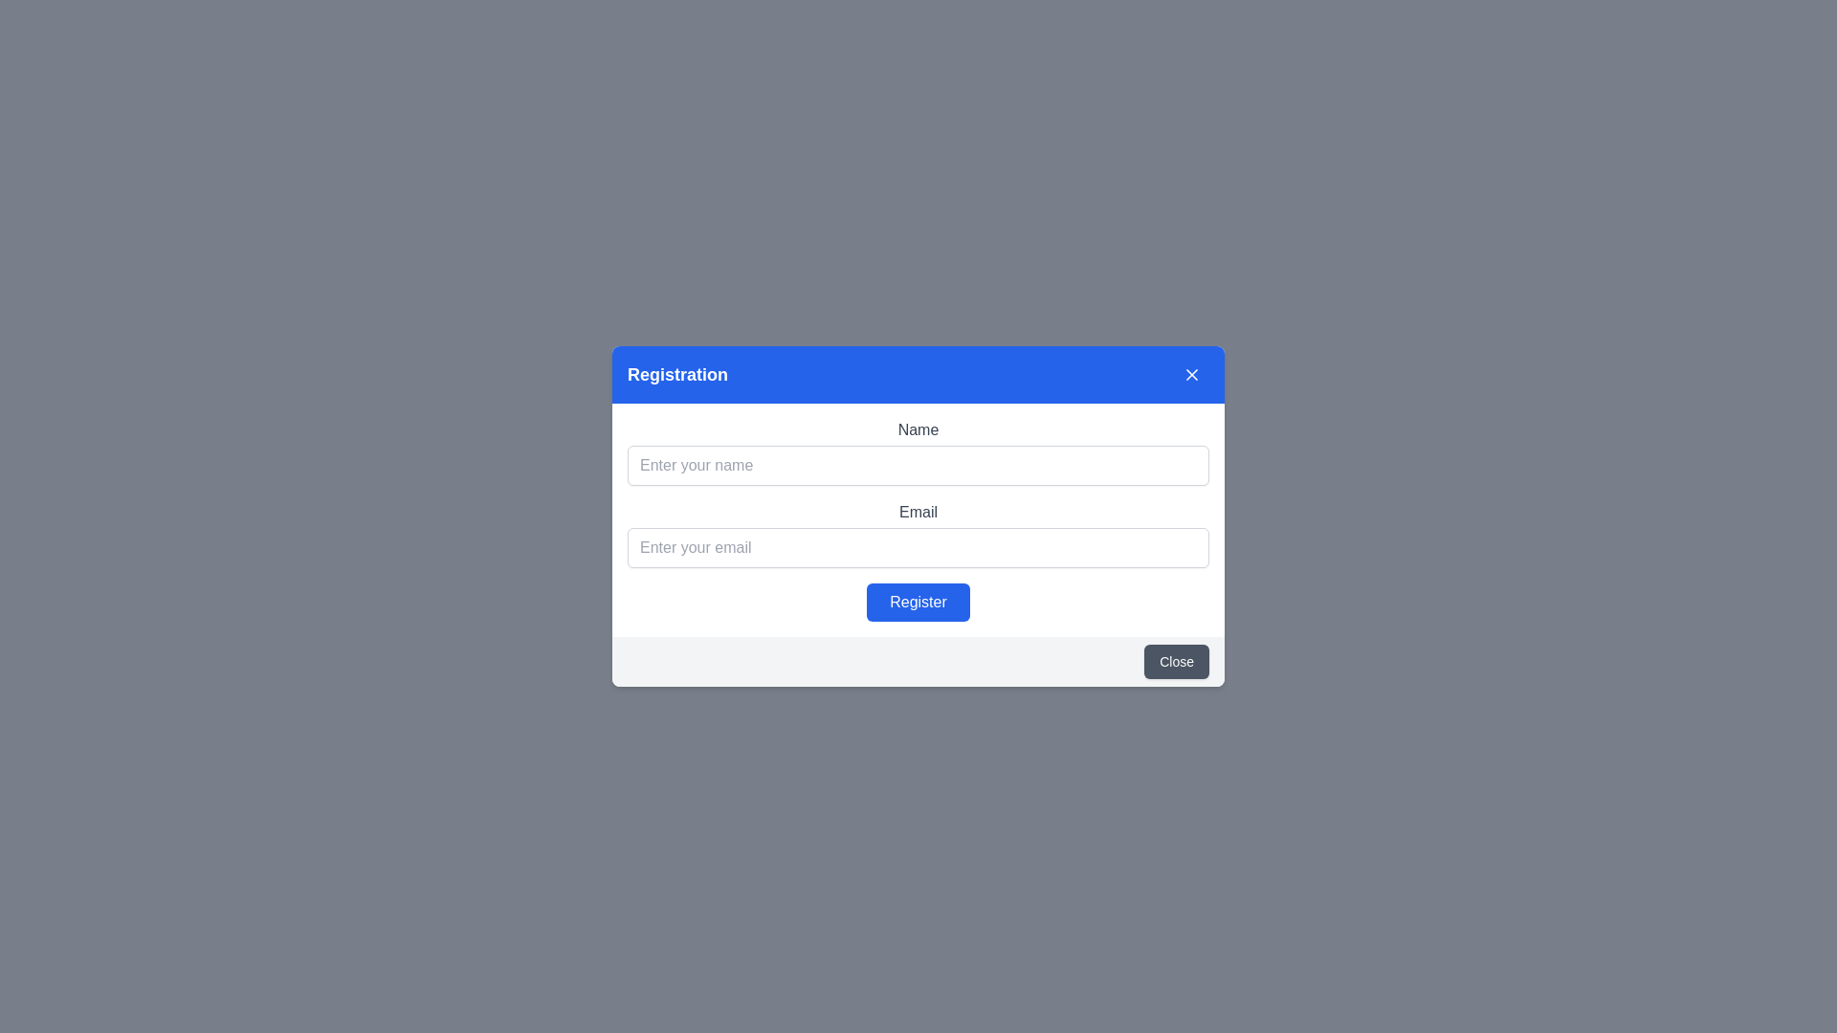  Describe the element at coordinates (918, 601) in the screenshot. I see `the blue rectangular button labeled 'Register' for accessibility interaction` at that location.